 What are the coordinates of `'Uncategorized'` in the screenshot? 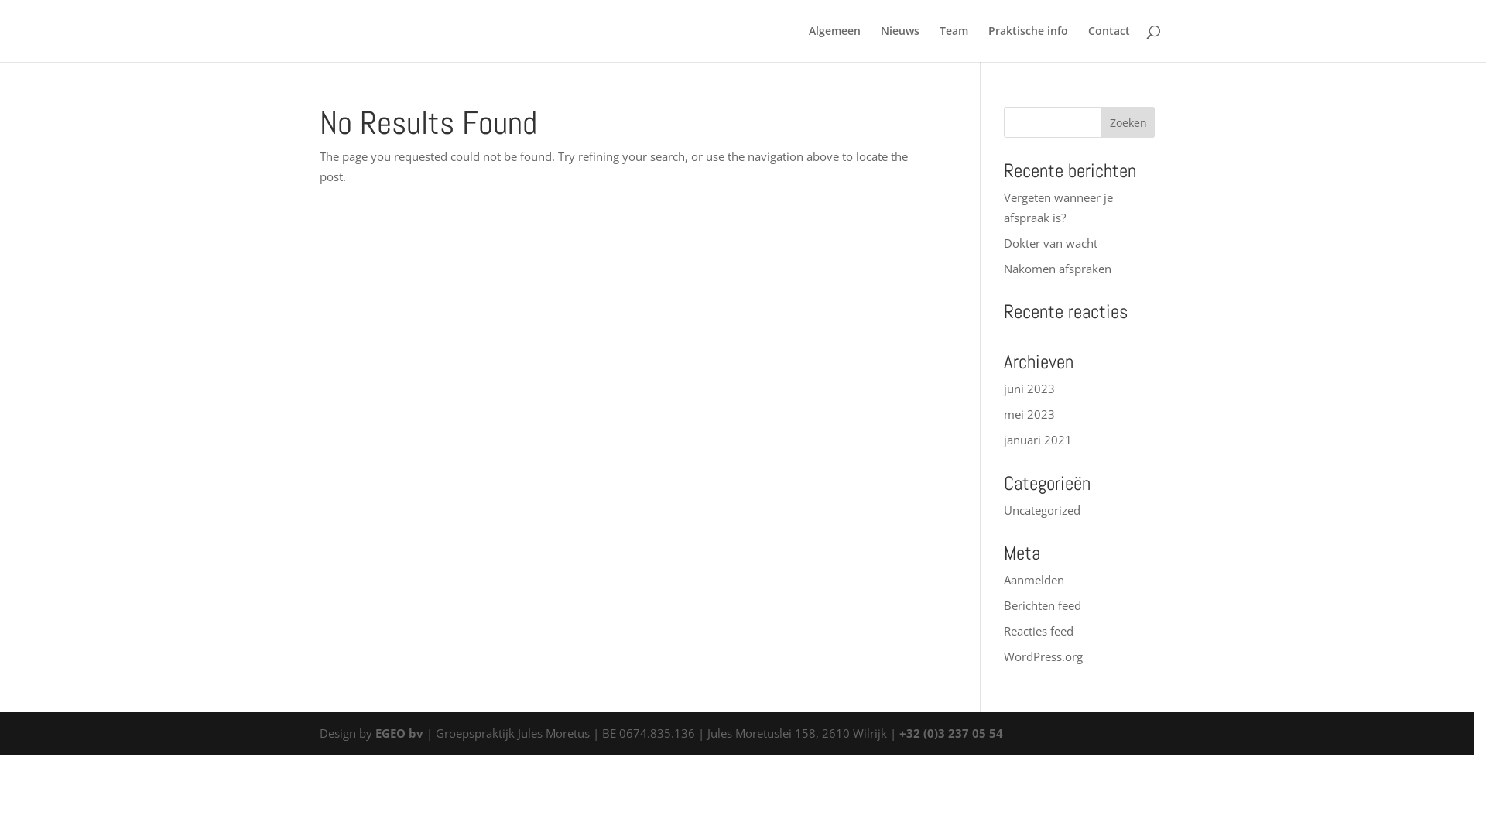 It's located at (1042, 509).